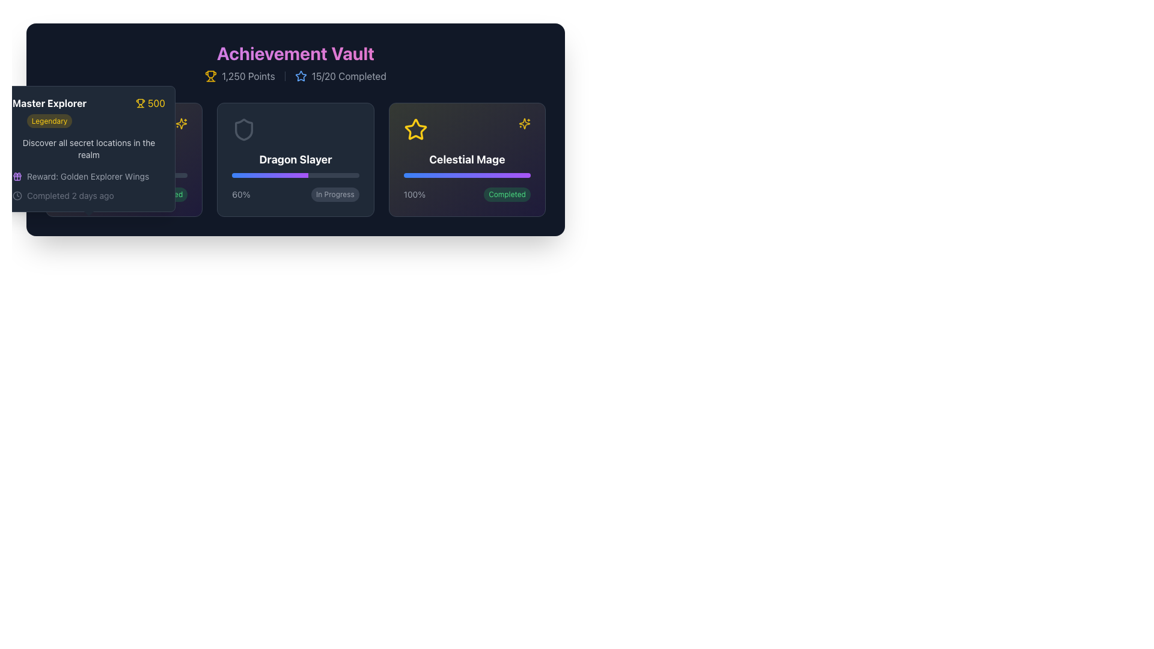  What do you see at coordinates (507, 194) in the screenshot?
I see `the status indicator label located in the bottom-right corner of the 'Celestial Mage' section, which indicates that the associated achievement has been completed` at bounding box center [507, 194].